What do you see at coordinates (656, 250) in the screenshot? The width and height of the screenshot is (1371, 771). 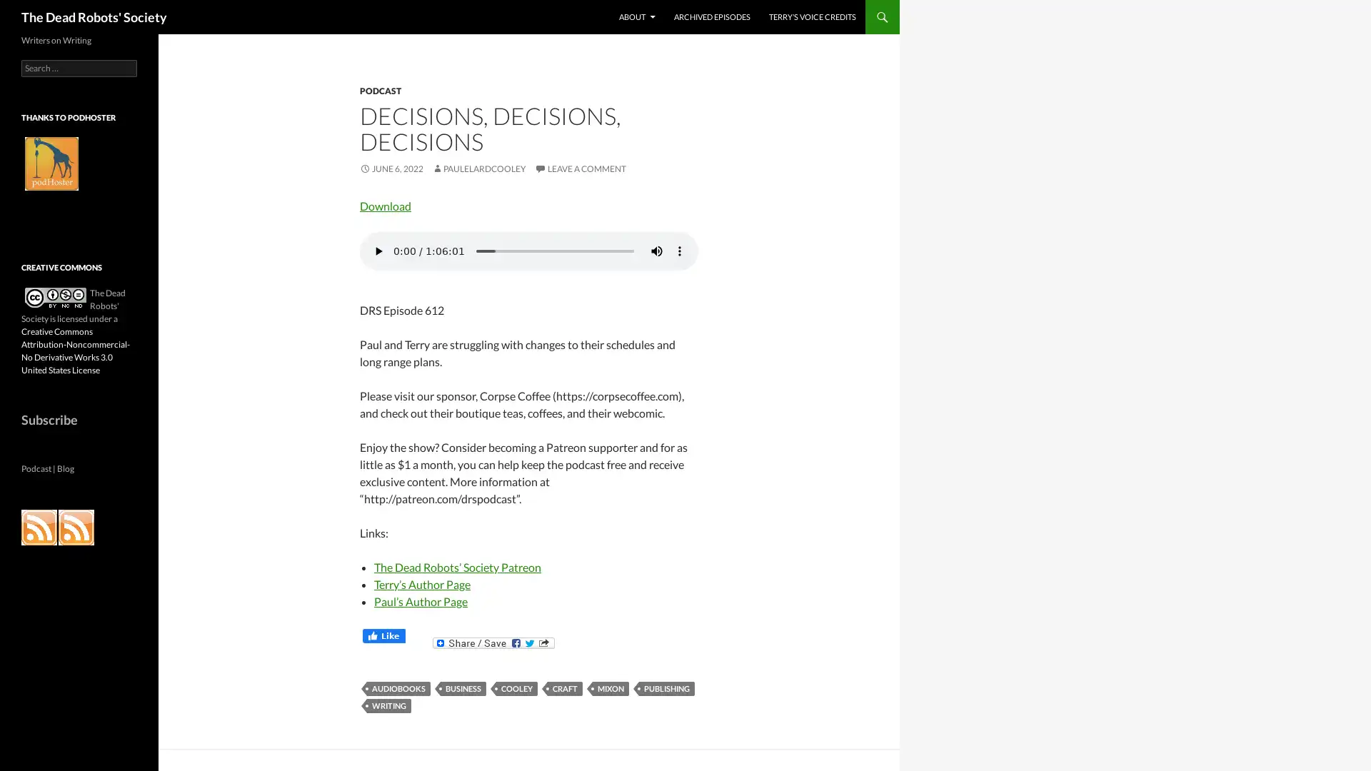 I see `mute` at bounding box center [656, 250].